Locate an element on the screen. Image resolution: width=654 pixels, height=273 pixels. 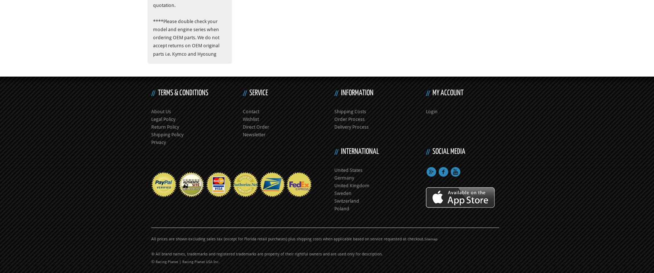
'United States' is located at coordinates (348, 169).